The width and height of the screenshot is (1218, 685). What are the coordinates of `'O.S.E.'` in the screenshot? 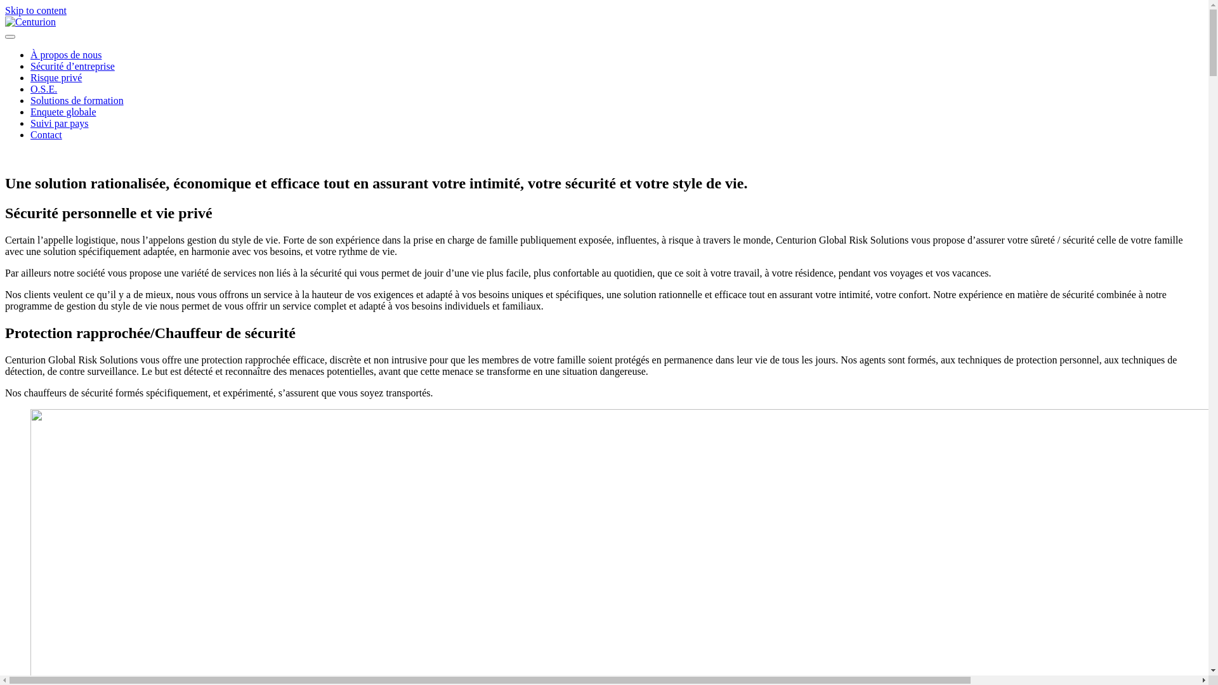 It's located at (43, 88).